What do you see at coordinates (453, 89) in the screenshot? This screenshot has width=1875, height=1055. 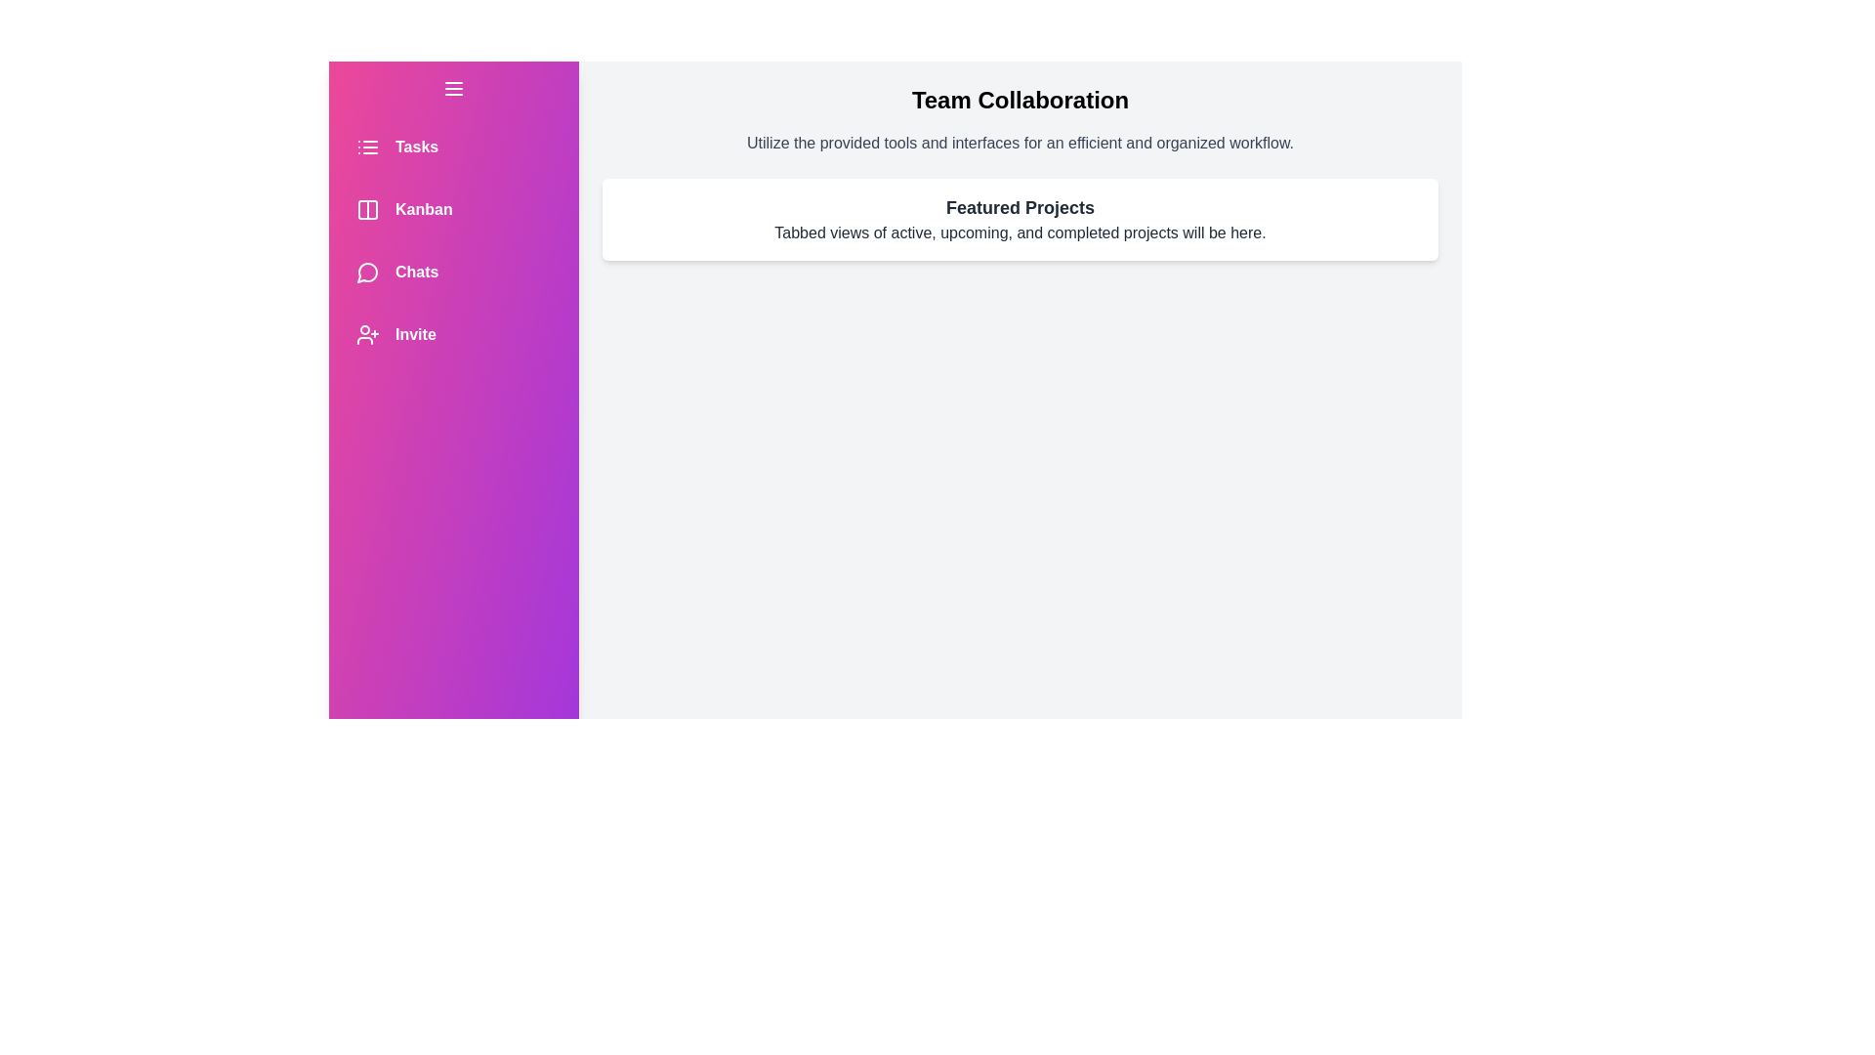 I see `the menu button to toggle the drawer` at bounding box center [453, 89].